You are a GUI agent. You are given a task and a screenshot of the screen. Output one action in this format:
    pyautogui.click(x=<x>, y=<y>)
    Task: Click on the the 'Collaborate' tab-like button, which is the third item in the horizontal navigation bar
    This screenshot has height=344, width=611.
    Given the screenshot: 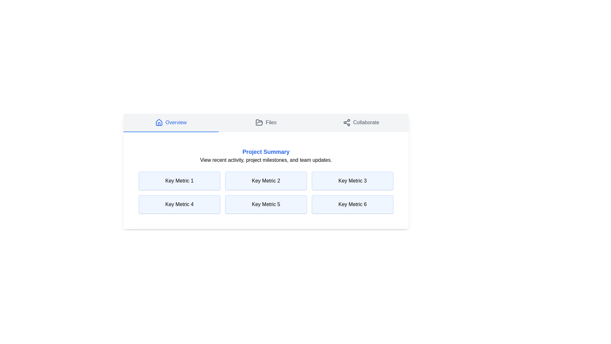 What is the action you would take?
    pyautogui.click(x=361, y=123)
    